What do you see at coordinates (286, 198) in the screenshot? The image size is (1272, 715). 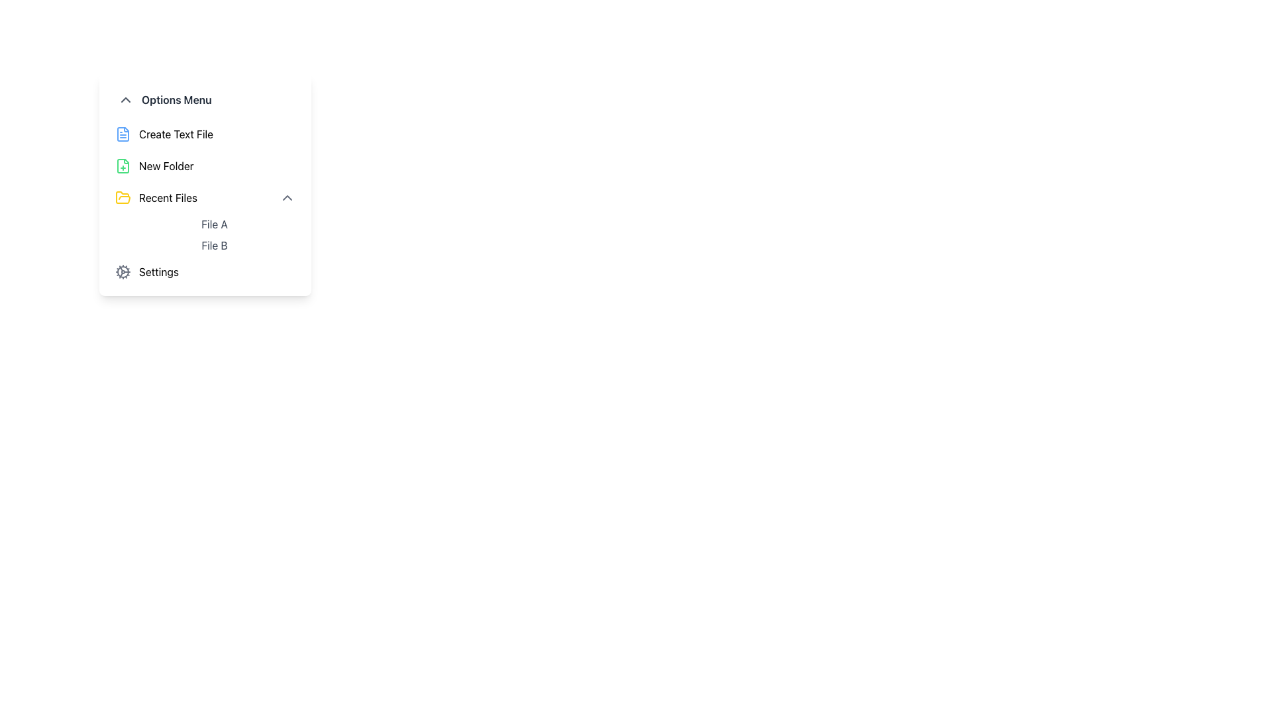 I see `the upward-pointing gray chevron icon located to the far right of the 'Recent Files' label` at bounding box center [286, 198].